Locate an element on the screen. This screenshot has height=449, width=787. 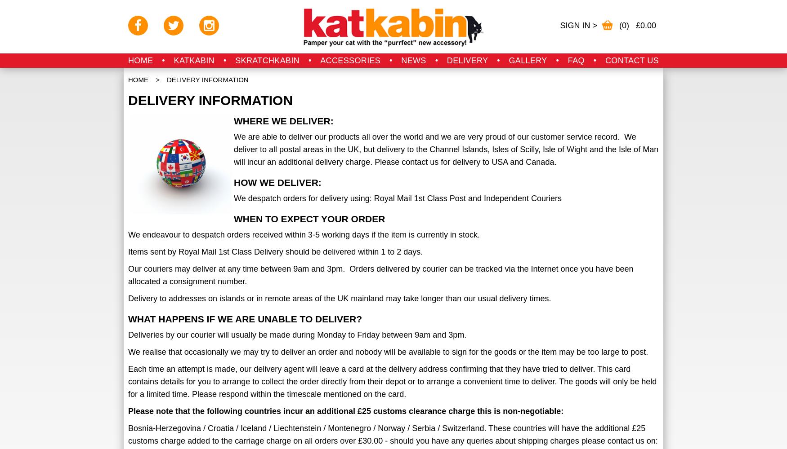
'We endeavour to despatch orders received within 3-5 working days if the item is currently in stock.' is located at coordinates (304, 235).